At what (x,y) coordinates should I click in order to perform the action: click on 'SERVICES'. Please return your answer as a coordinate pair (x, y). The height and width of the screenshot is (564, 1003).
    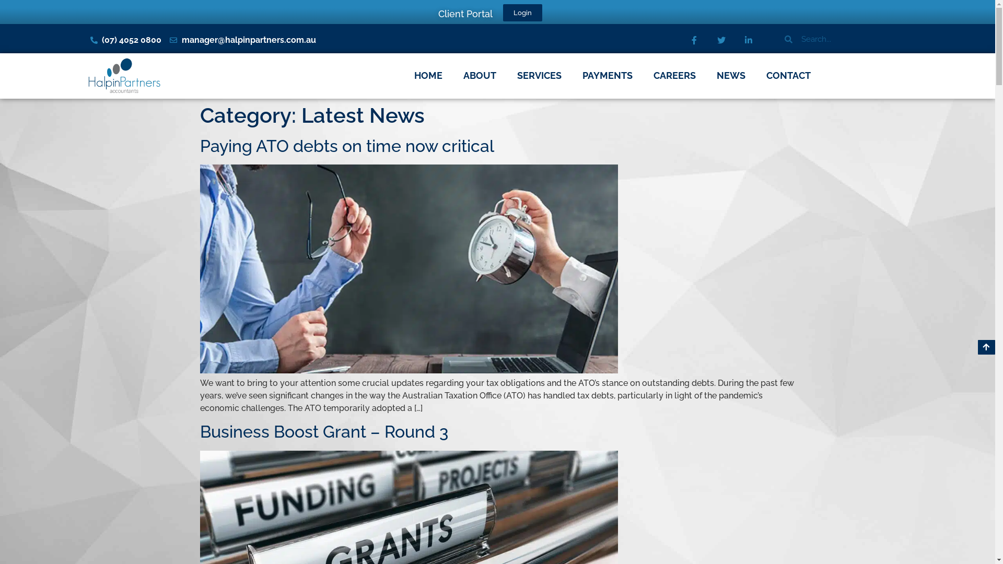
    Looking at the image, I should click on (539, 75).